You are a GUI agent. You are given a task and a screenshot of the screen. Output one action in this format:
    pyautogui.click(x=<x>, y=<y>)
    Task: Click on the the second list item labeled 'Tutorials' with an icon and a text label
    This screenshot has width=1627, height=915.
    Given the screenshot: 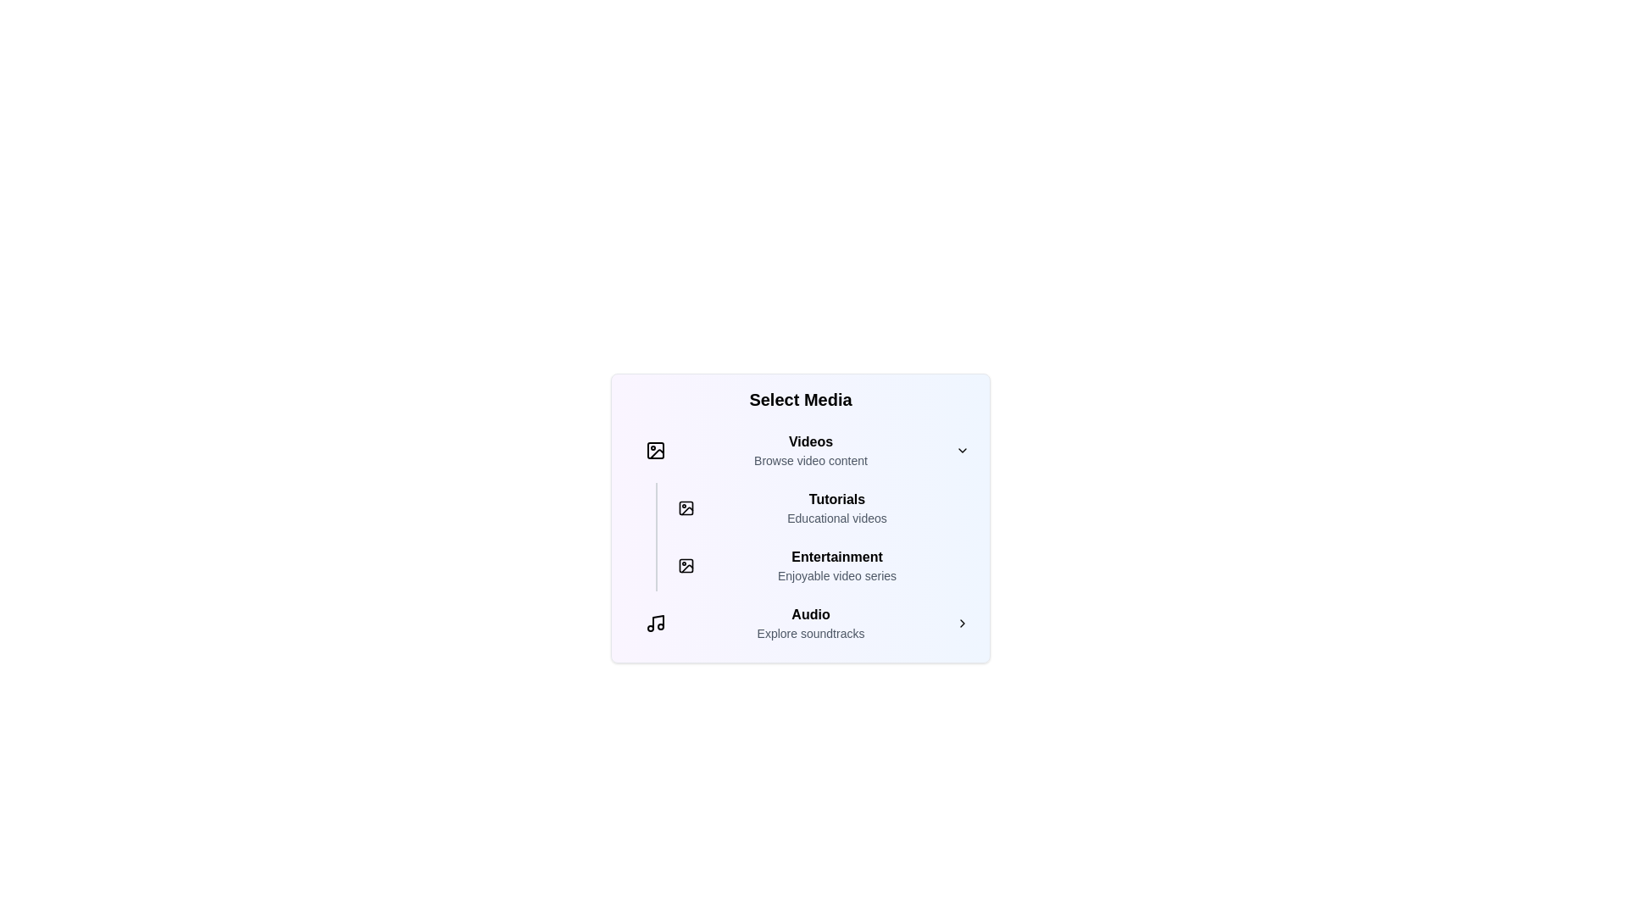 What is the action you would take?
    pyautogui.click(x=823, y=507)
    